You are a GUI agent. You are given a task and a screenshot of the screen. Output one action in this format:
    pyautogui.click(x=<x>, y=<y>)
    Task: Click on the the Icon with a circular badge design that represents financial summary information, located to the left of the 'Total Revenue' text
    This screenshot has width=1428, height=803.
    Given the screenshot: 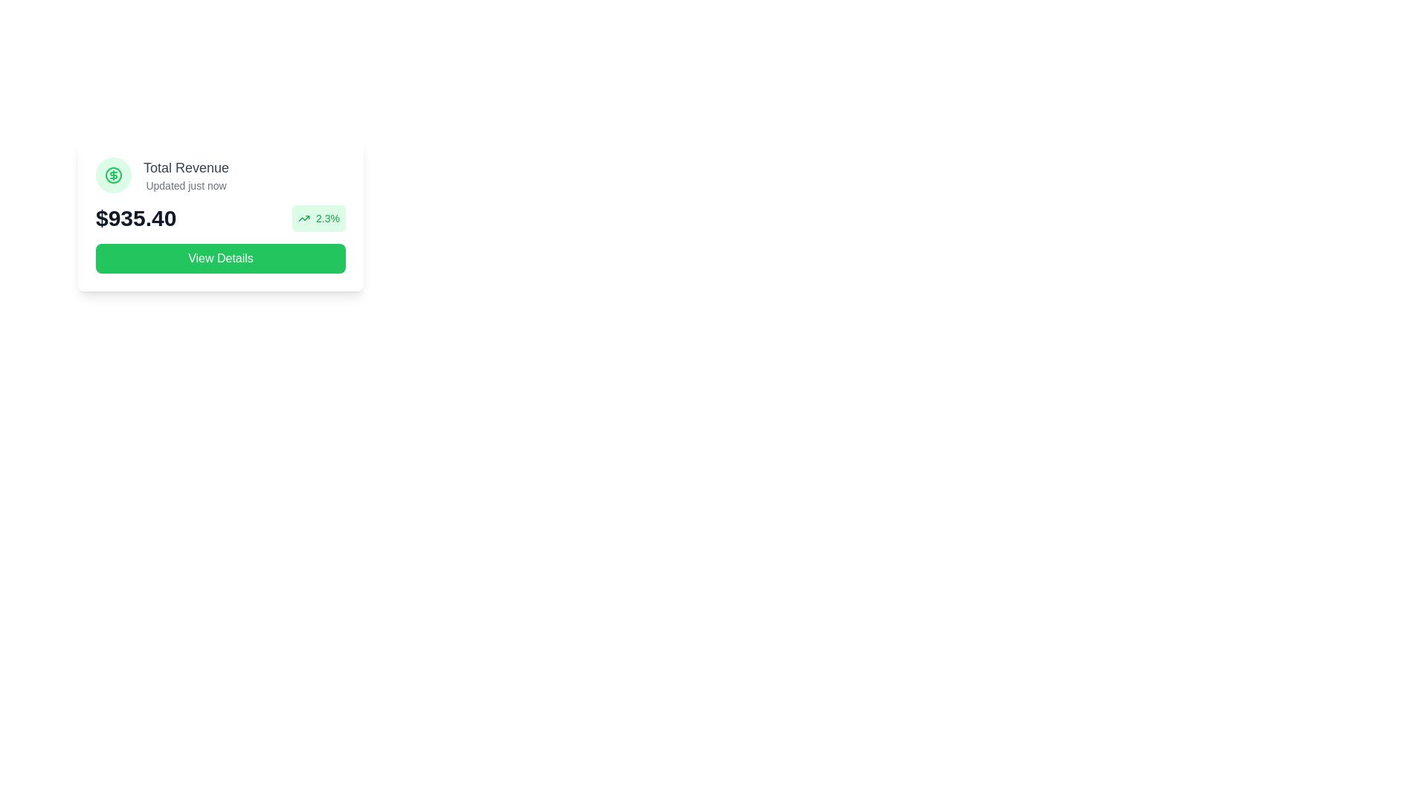 What is the action you would take?
    pyautogui.click(x=113, y=174)
    